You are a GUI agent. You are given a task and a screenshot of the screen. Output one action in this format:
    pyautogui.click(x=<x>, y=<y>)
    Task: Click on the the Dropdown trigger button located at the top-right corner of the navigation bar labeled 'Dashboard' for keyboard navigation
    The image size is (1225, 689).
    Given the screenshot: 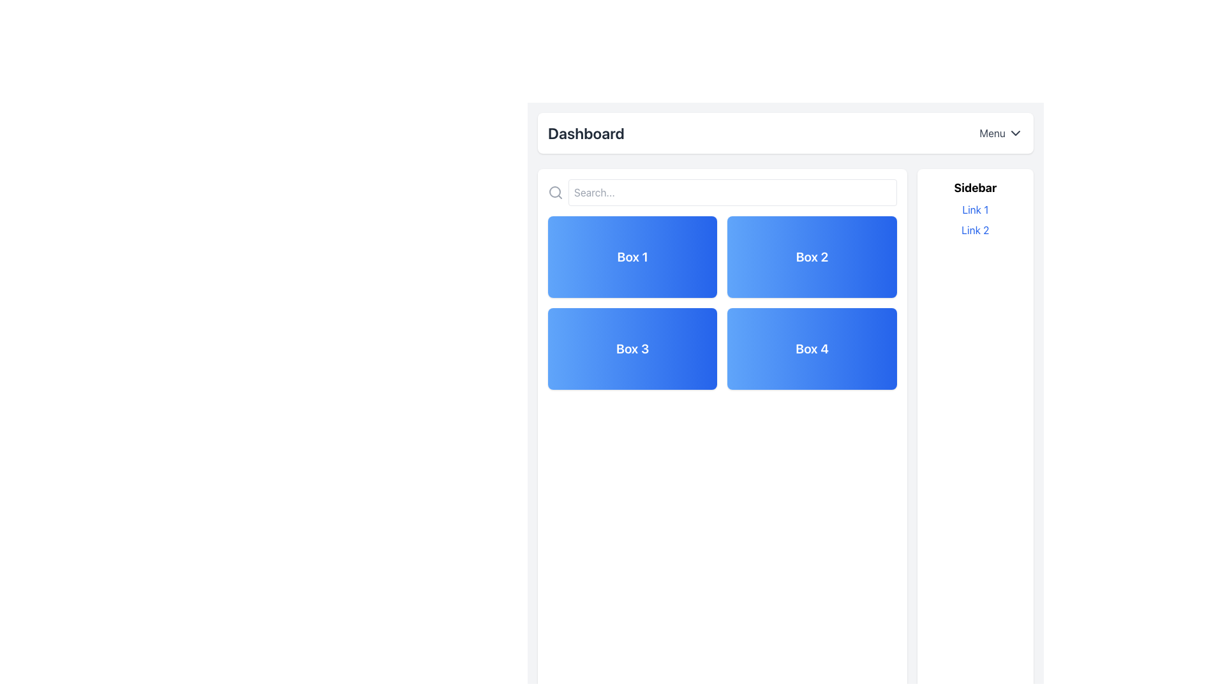 What is the action you would take?
    pyautogui.click(x=1000, y=133)
    